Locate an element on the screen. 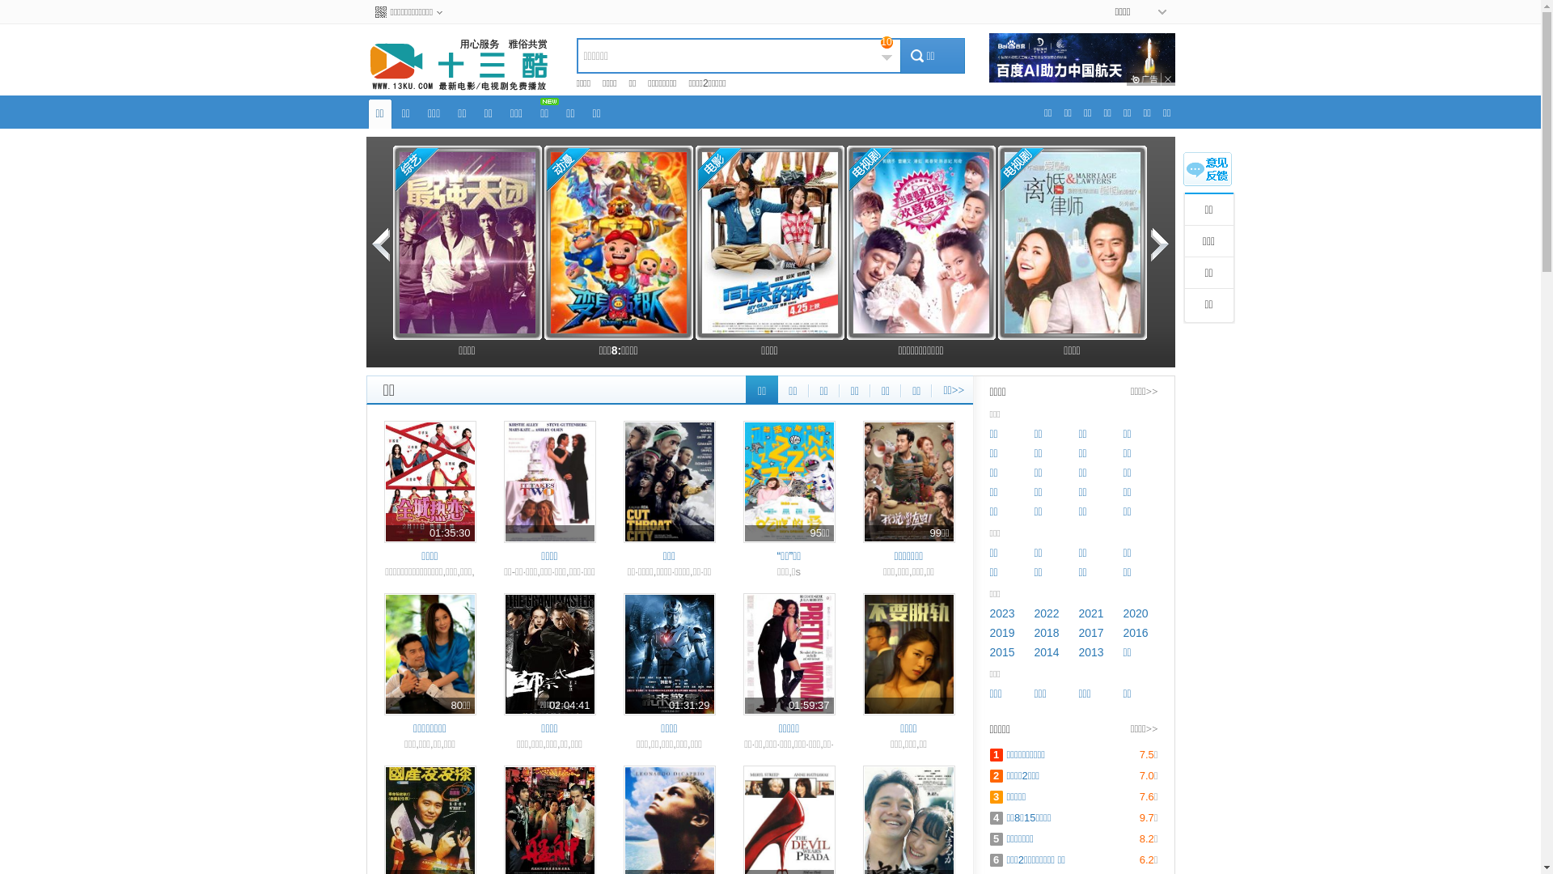 Image resolution: width=1553 pixels, height=874 pixels. '2015' is located at coordinates (989, 651).